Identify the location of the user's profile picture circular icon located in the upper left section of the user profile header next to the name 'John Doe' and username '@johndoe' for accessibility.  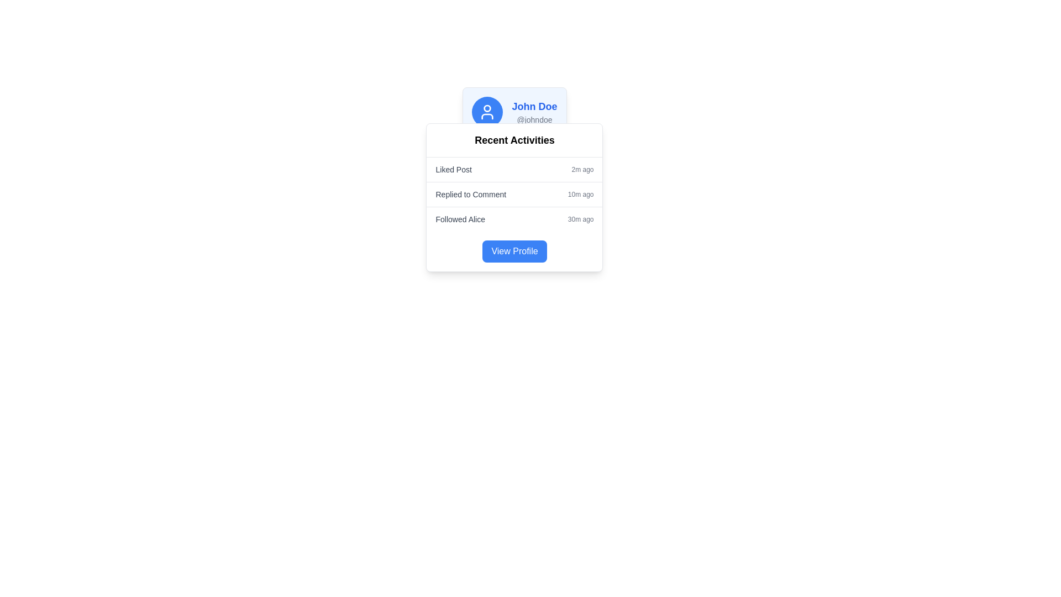
(487, 112).